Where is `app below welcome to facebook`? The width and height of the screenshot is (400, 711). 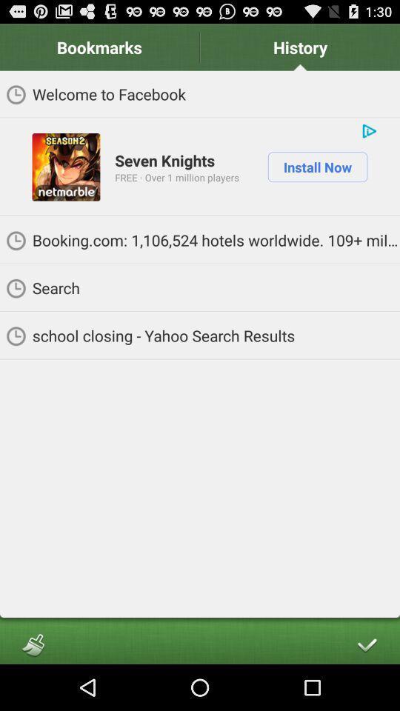
app below welcome to facebook is located at coordinates (65, 167).